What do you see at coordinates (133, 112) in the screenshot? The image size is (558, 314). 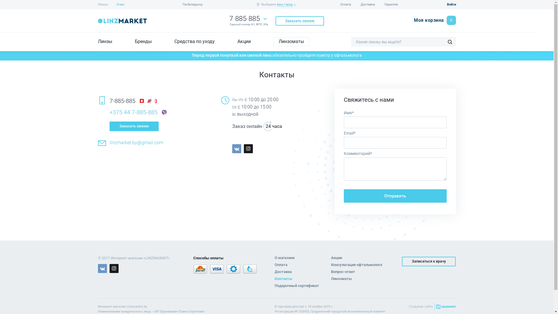 I see `'+375 44 7-885-885'` at bounding box center [133, 112].